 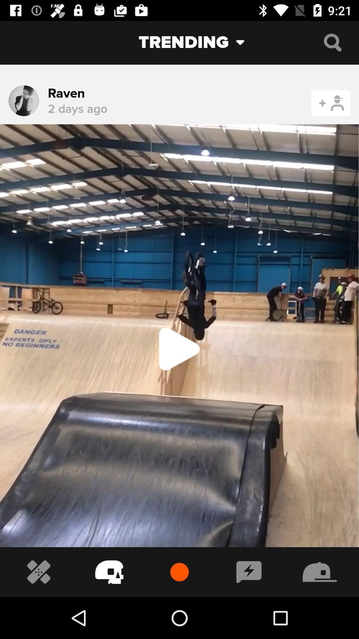 I want to click on the search icon, so click(x=332, y=42).